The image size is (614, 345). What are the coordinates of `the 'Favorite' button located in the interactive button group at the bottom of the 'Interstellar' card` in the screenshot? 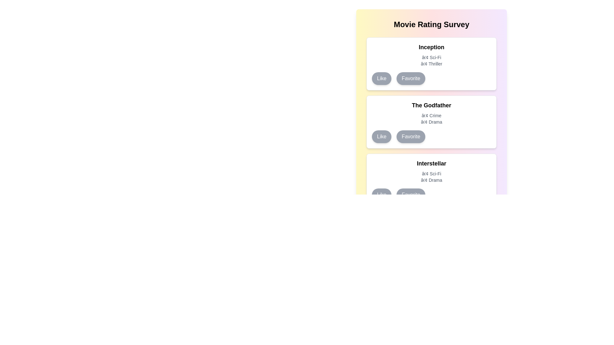 It's located at (431, 194).